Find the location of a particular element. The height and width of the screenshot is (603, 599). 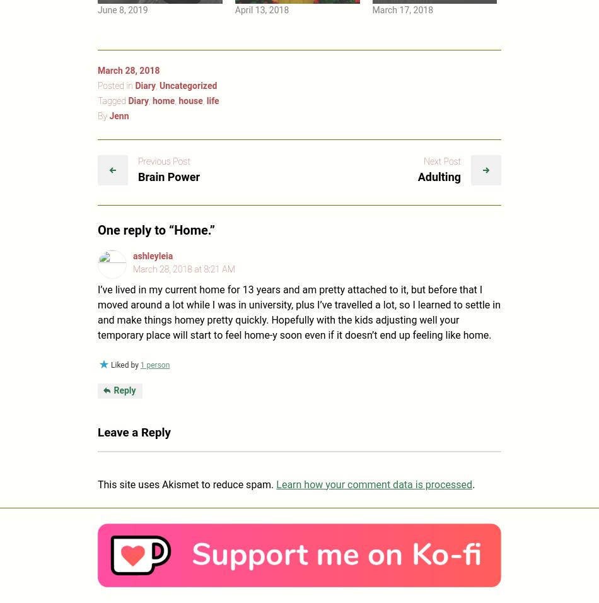

'Tagged' is located at coordinates (112, 100).